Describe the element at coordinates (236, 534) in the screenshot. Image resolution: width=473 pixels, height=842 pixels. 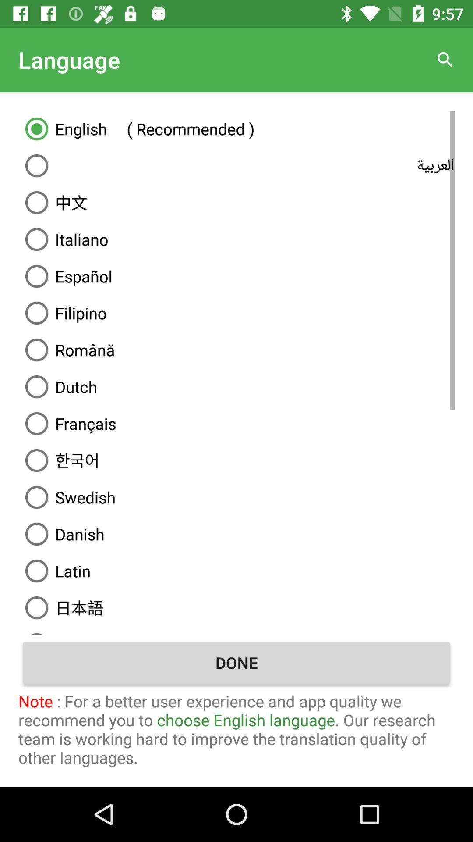
I see `danish` at that location.